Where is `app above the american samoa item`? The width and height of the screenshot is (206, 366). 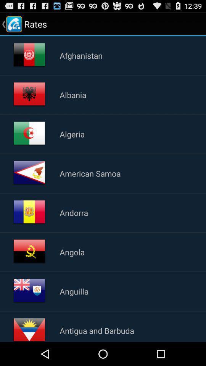
app above the american samoa item is located at coordinates (72, 134).